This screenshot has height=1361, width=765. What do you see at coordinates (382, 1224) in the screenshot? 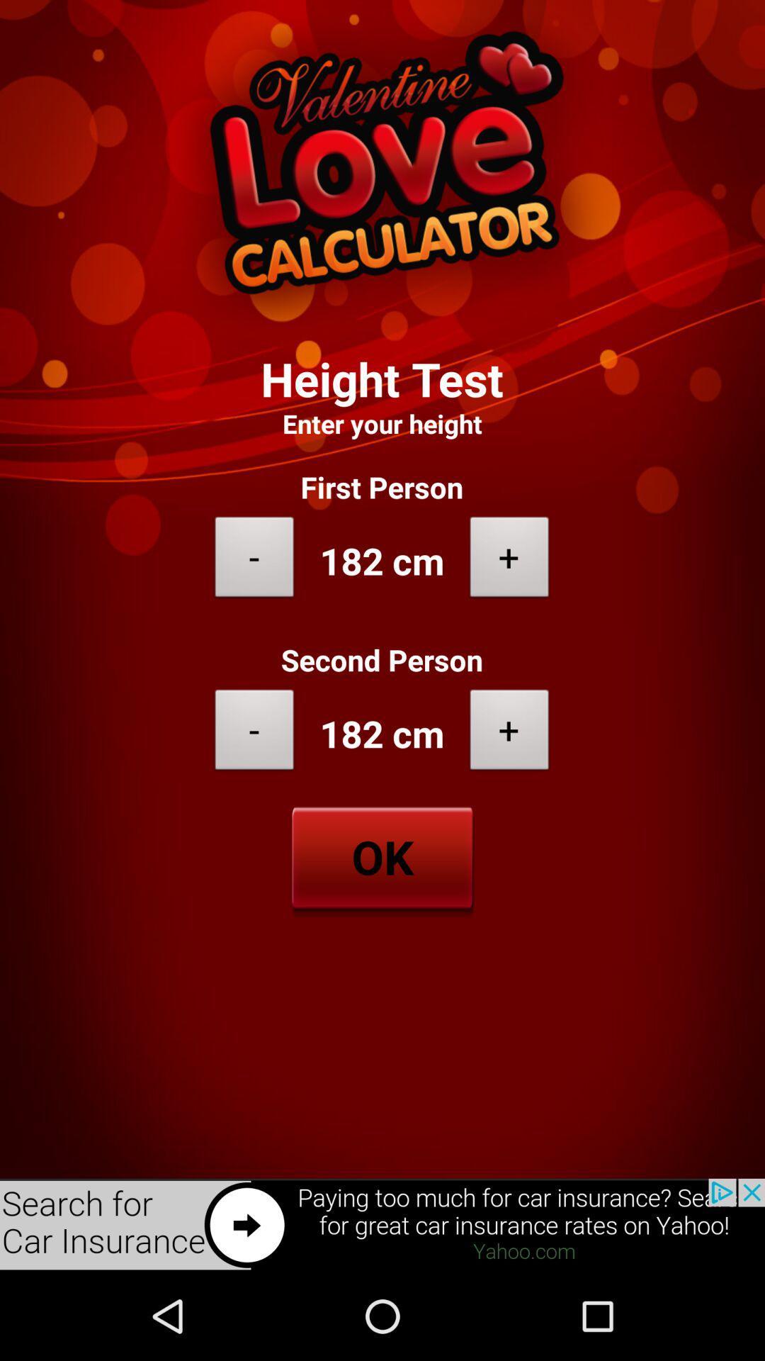
I see `advertisement page` at bounding box center [382, 1224].